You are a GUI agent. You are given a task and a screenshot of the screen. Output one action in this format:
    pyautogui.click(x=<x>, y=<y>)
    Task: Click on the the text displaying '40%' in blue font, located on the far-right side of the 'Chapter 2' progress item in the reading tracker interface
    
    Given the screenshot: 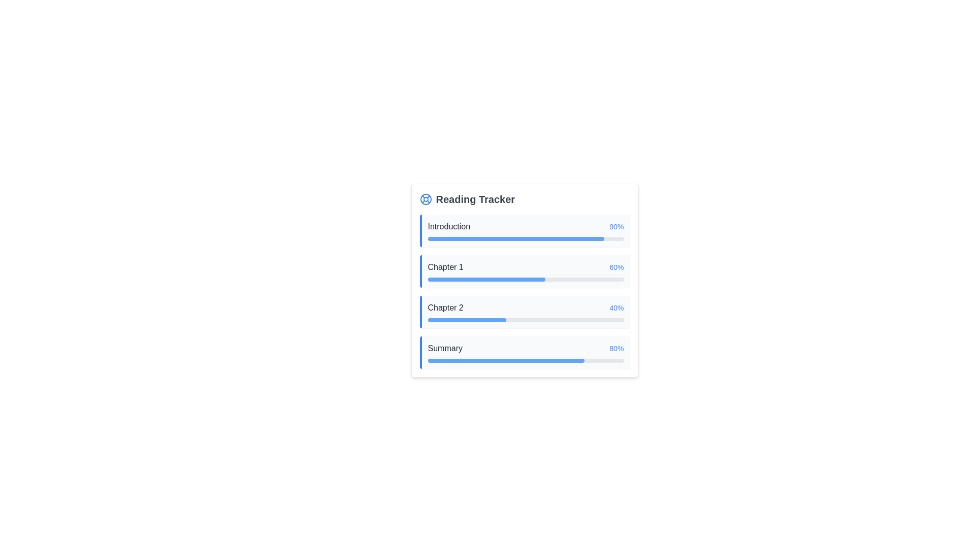 What is the action you would take?
    pyautogui.click(x=616, y=307)
    